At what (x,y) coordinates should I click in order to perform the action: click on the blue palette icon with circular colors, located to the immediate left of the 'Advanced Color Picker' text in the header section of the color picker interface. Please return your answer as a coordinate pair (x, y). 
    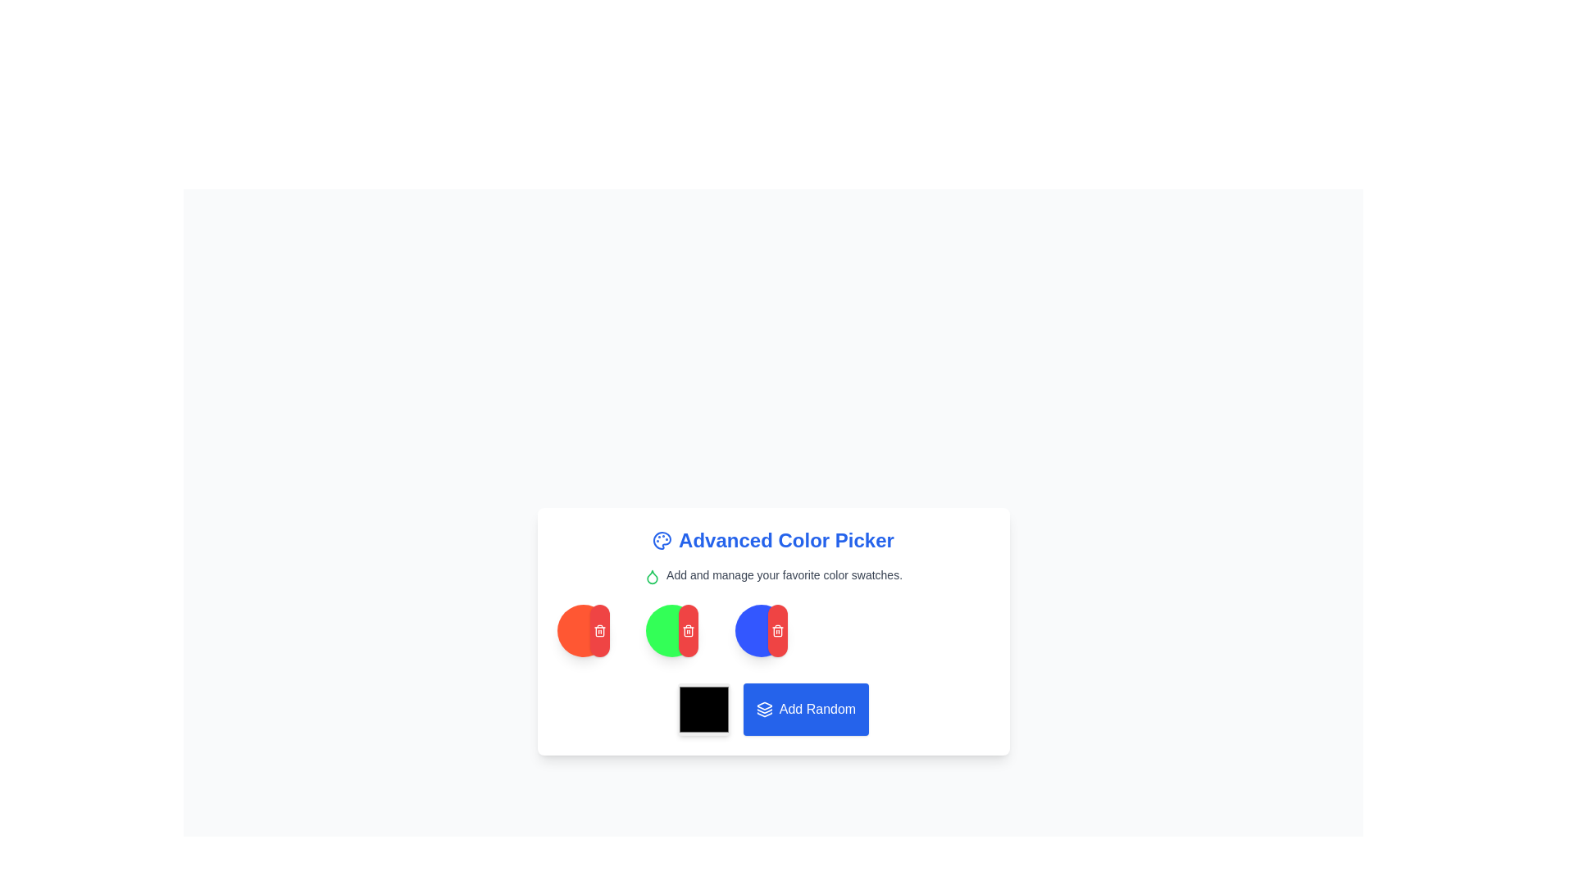
    Looking at the image, I should click on (662, 541).